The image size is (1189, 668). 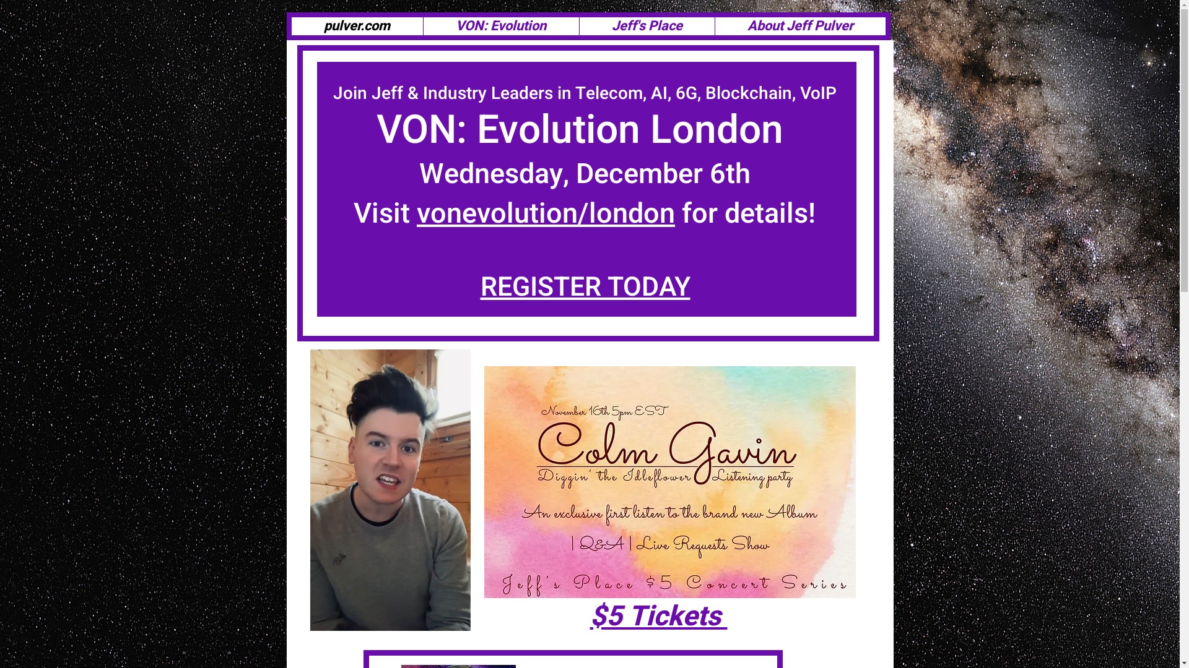 I want to click on 'pulver.com', so click(x=356, y=26).